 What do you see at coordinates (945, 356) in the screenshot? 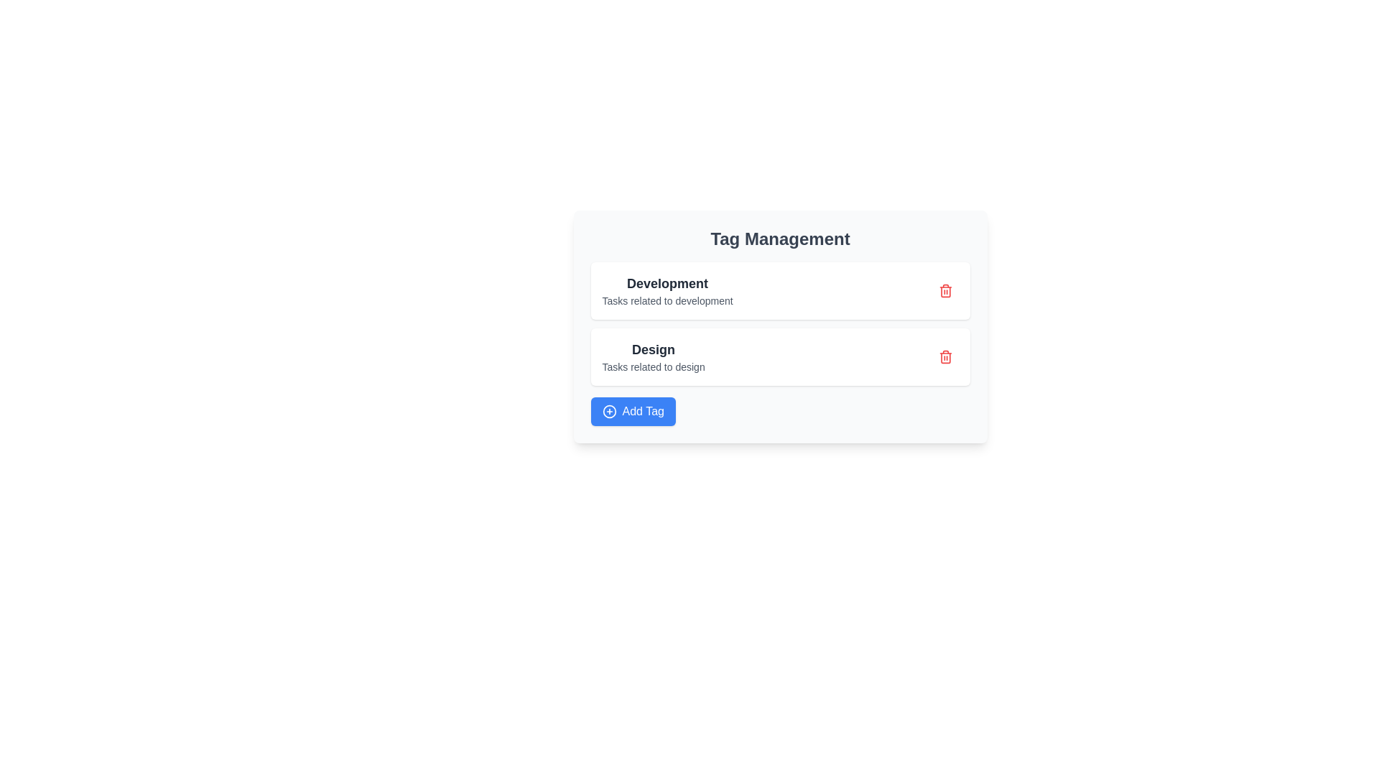
I see `the icon button located to the far right of the 'Design' item in the 'Tag Management' list` at bounding box center [945, 356].